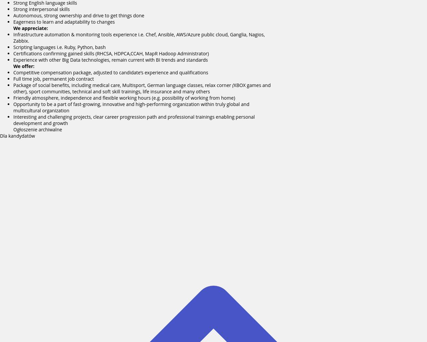 The width and height of the screenshot is (427, 342). I want to click on 'Scripting languages i.e. Ruby, Python, bash', so click(59, 47).